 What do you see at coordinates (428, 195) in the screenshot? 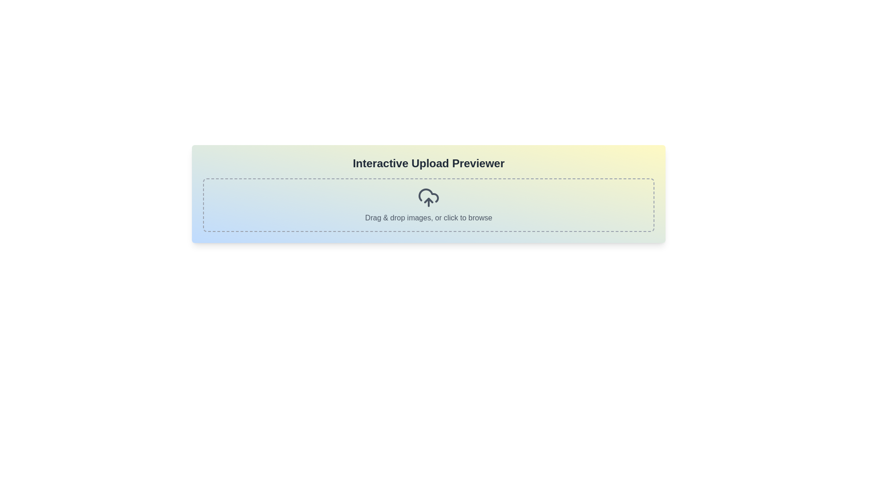
I see `the curved line forming the upper part of the cloud icon, which is styled with a gray stroke and is positioned in the top-central section of the cloud upload functionality icon` at bounding box center [428, 195].